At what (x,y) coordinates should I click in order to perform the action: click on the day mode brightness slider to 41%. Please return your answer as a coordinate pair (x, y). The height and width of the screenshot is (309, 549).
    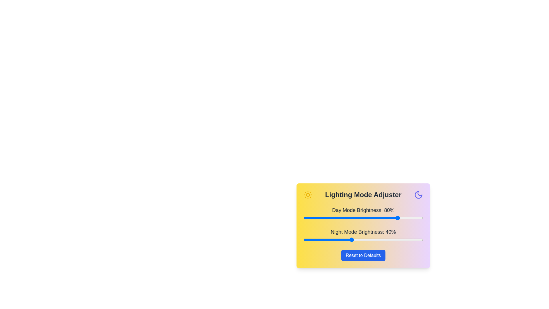
    Looking at the image, I should click on (352, 218).